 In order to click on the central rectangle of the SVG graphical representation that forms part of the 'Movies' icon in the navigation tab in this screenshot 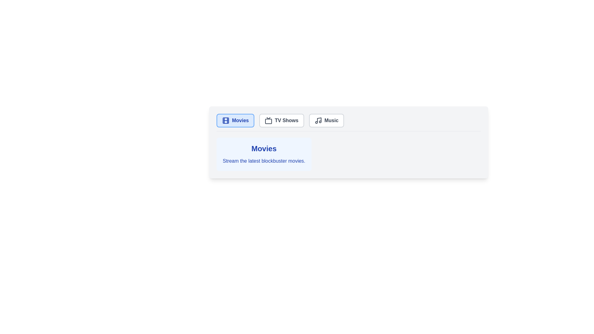, I will do `click(225, 120)`.